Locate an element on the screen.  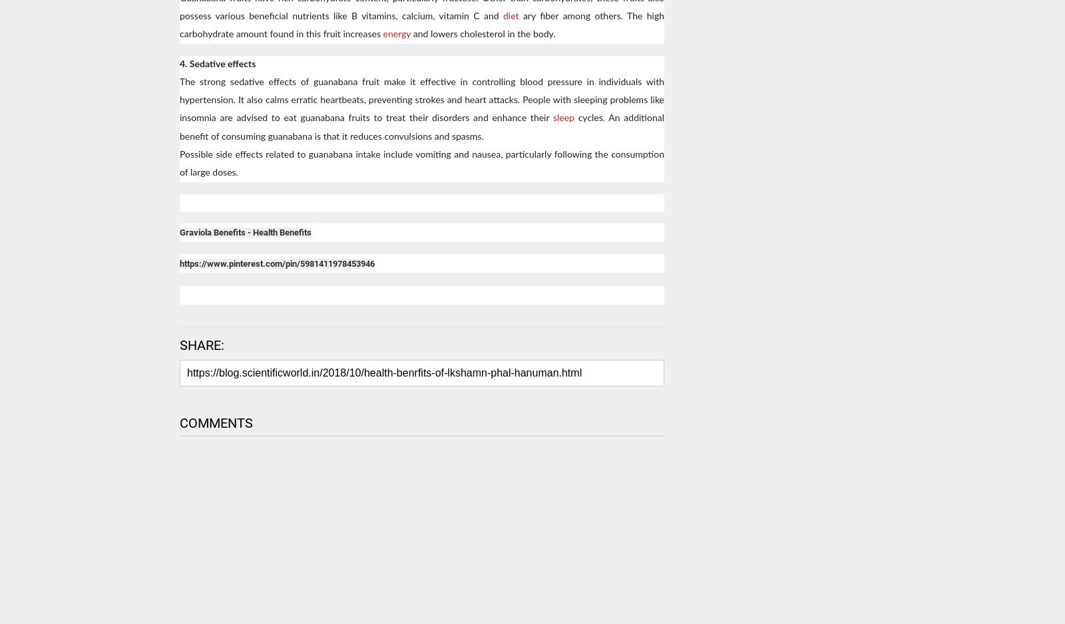
'SHARE:' is located at coordinates (180, 343).